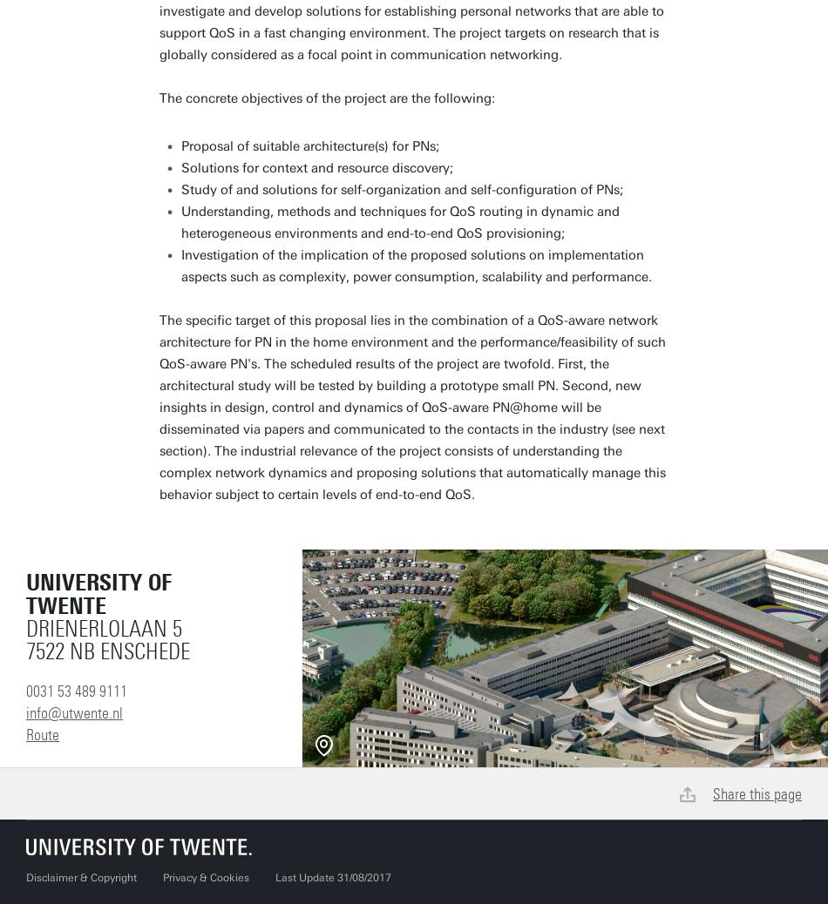  Describe the element at coordinates (417, 266) in the screenshot. I see `'Investigation of the implication of the proposed solutions on implementation aspects such as complexity, power consumption, scalability and performance.'` at that location.